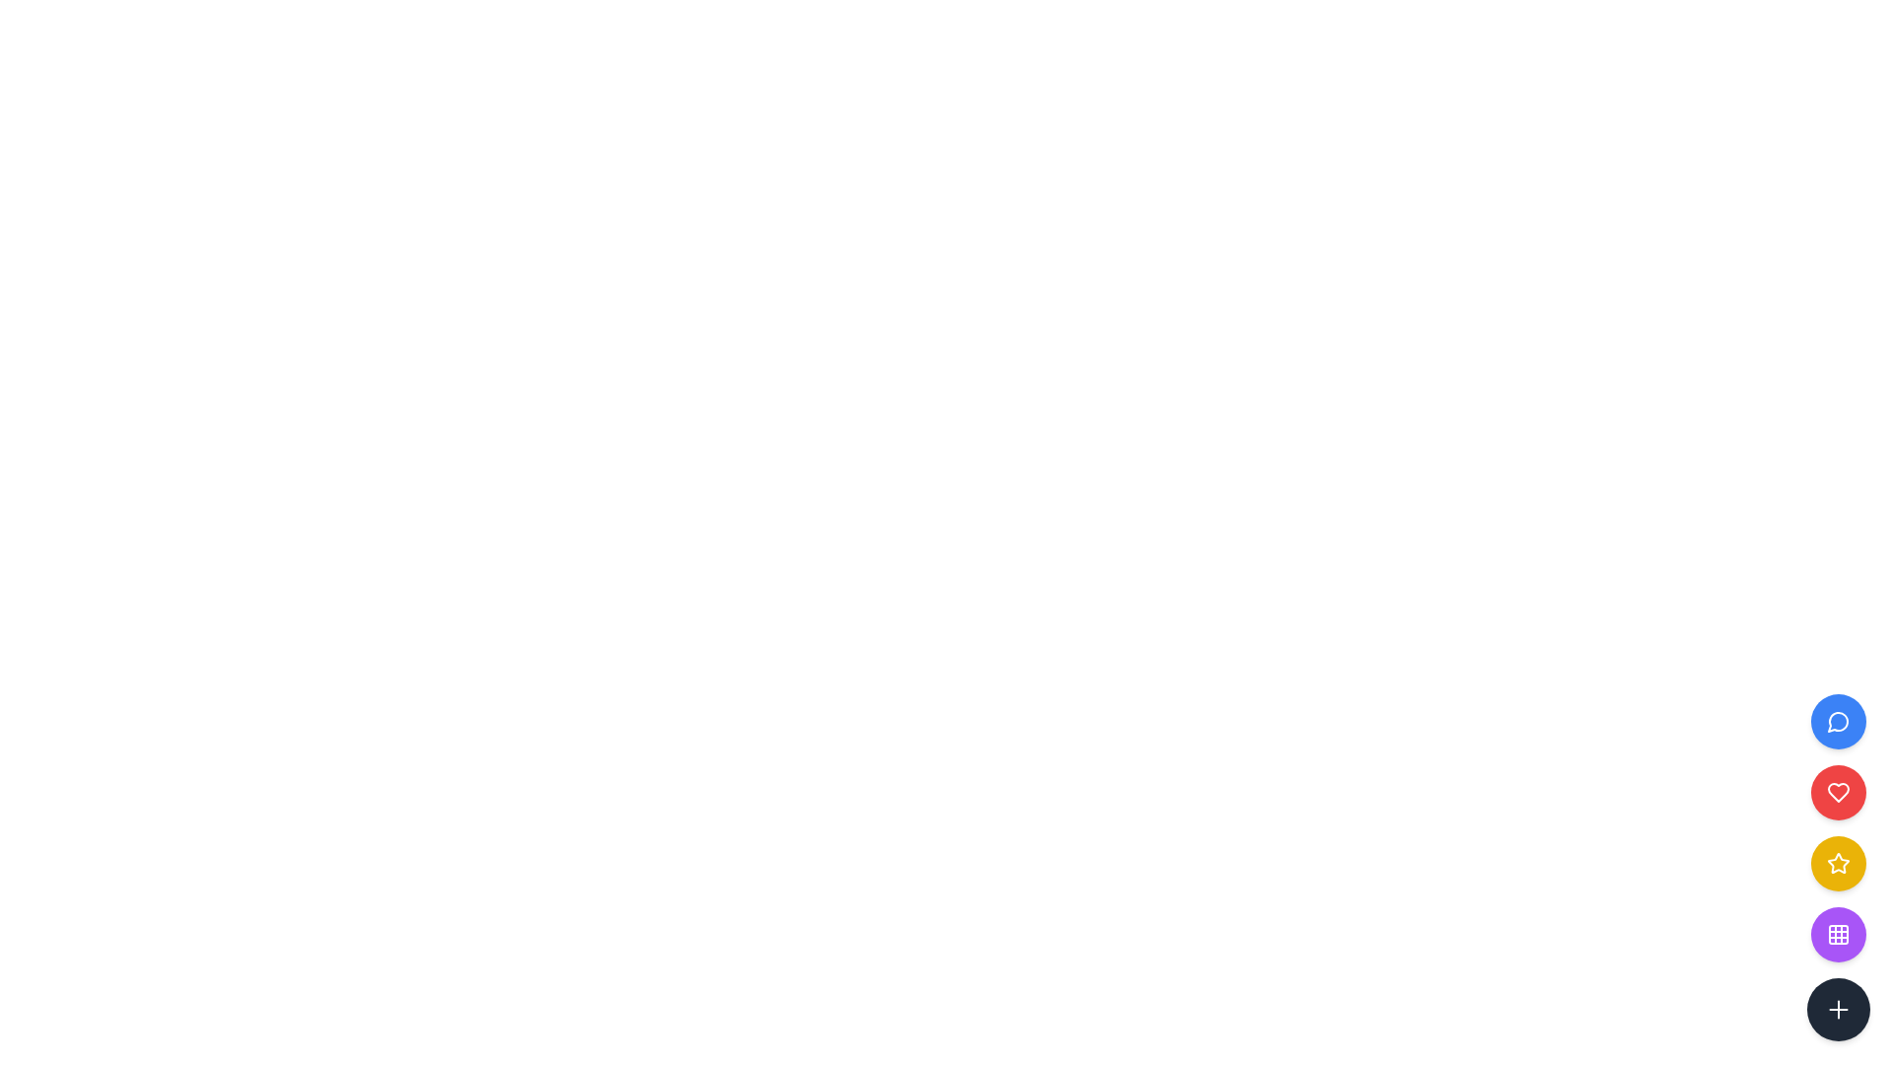 This screenshot has width=1894, height=1065. What do you see at coordinates (1837, 722) in the screenshot?
I see `the messaging icon located at the top of the vertical row of five circular icons on the far right of the interface` at bounding box center [1837, 722].